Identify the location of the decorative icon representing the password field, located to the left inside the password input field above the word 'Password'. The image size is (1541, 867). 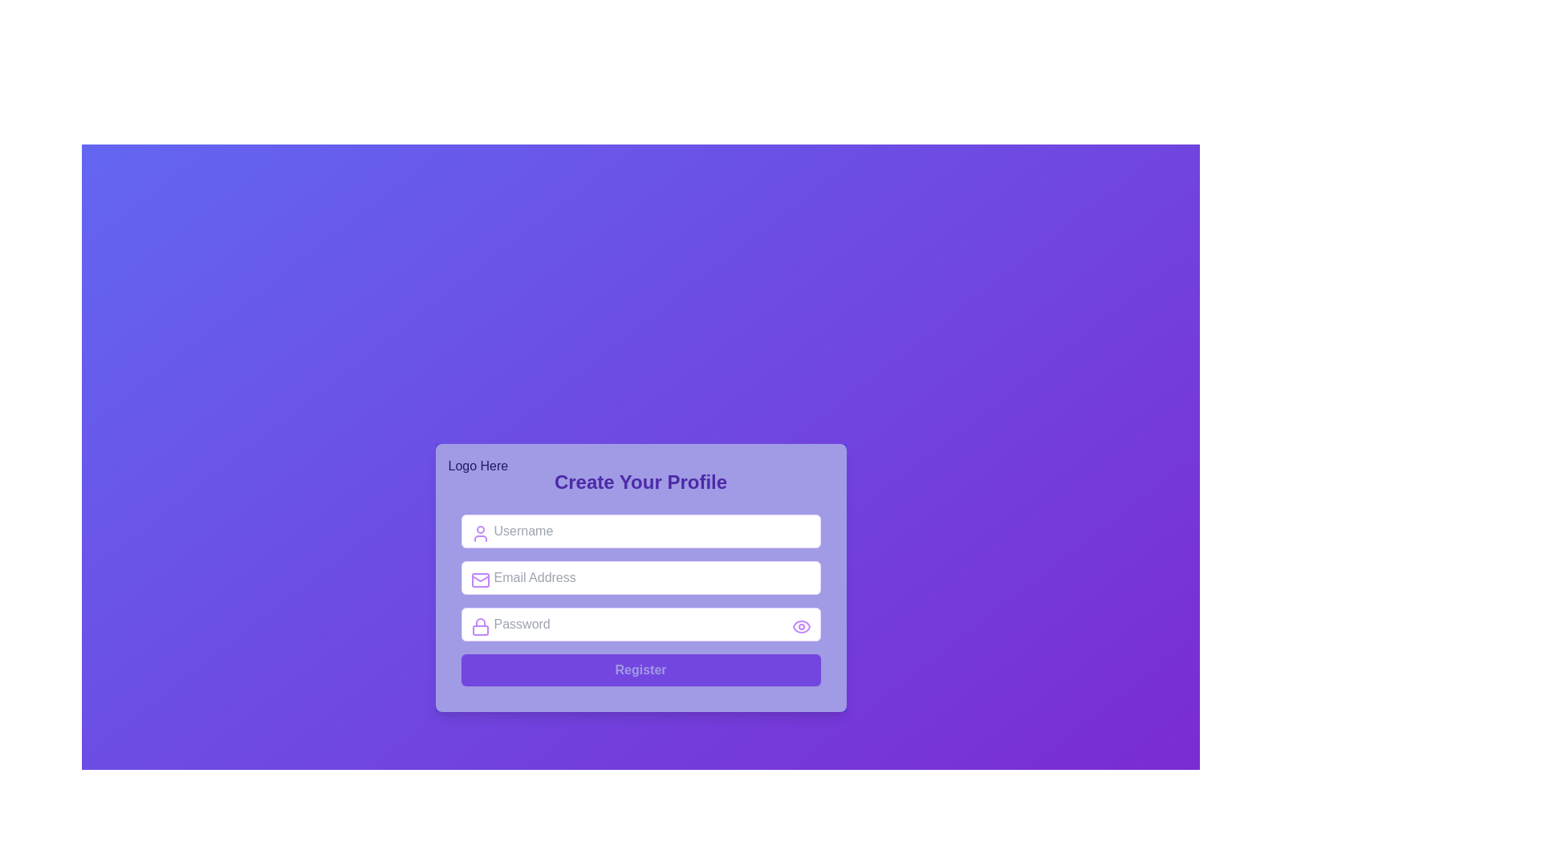
(479, 625).